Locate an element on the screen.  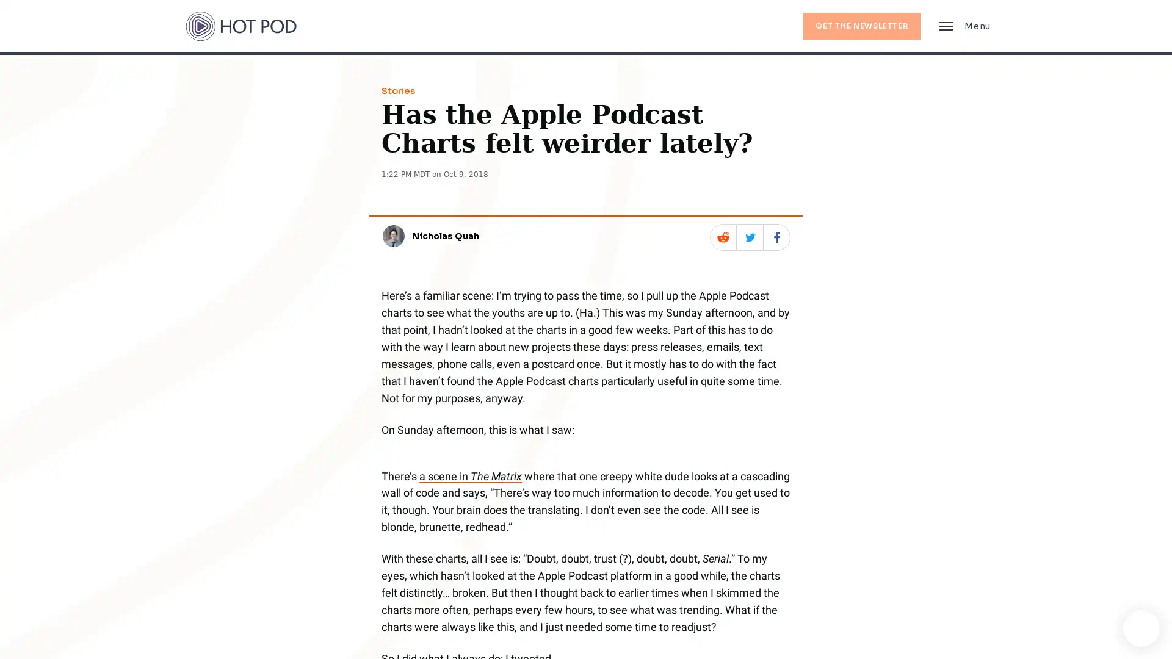
GET THE NEWSLETTER is located at coordinates (861, 26).